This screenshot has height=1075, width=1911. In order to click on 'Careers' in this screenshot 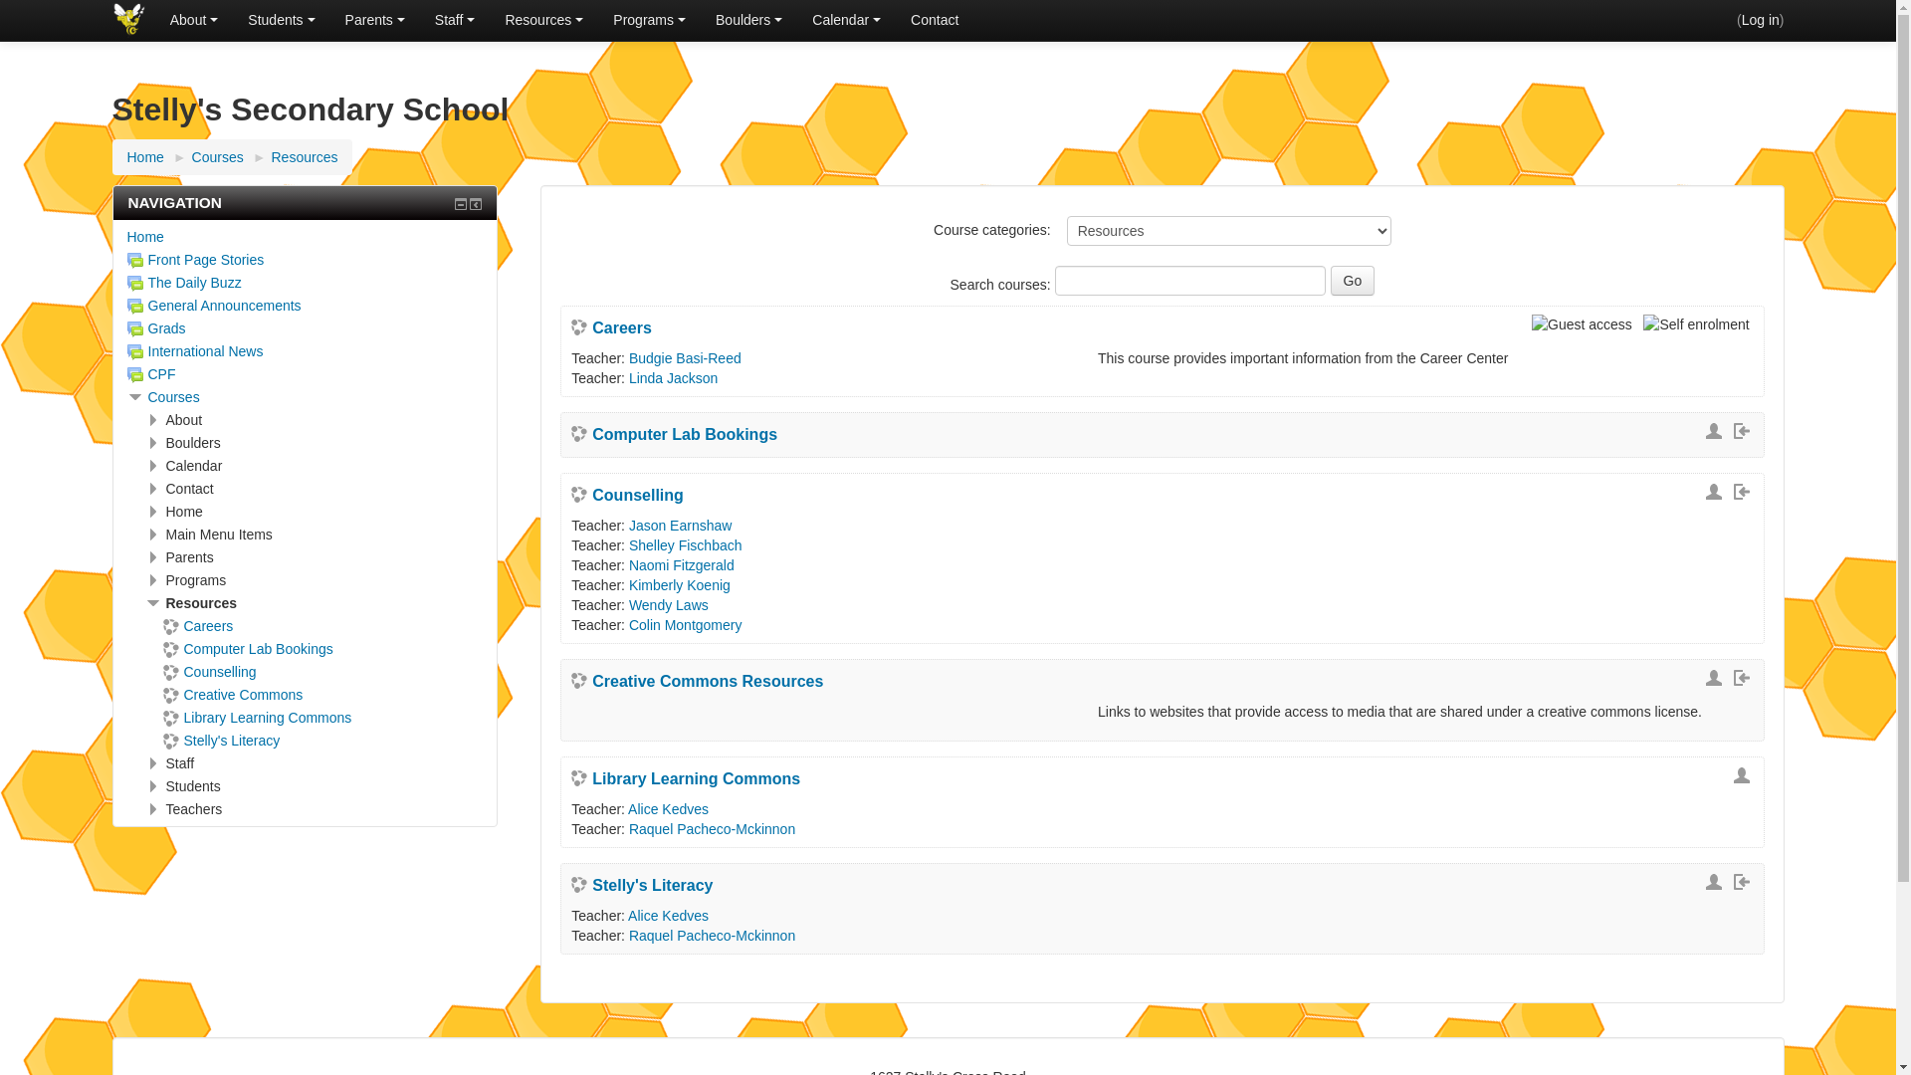, I will do `click(198, 624)`.